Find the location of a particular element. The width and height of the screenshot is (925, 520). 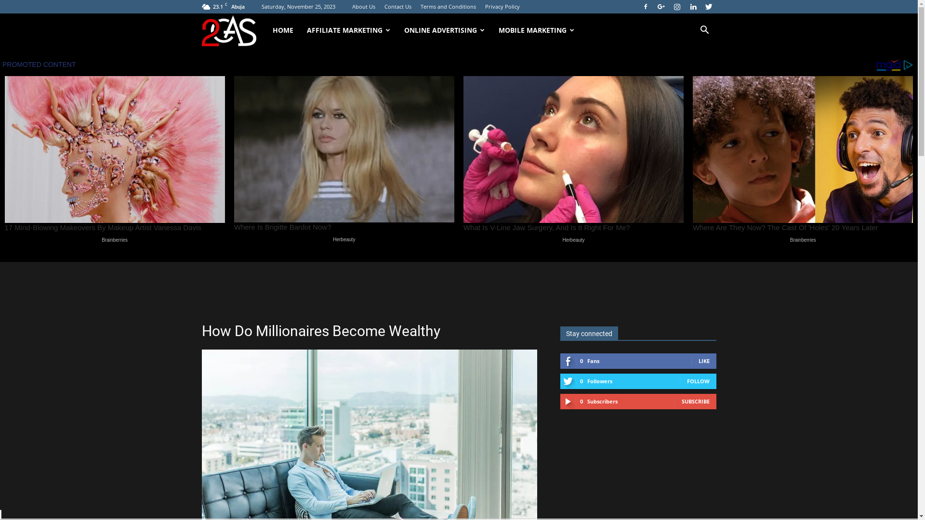

'Terms and Conditions' is located at coordinates (447, 6).